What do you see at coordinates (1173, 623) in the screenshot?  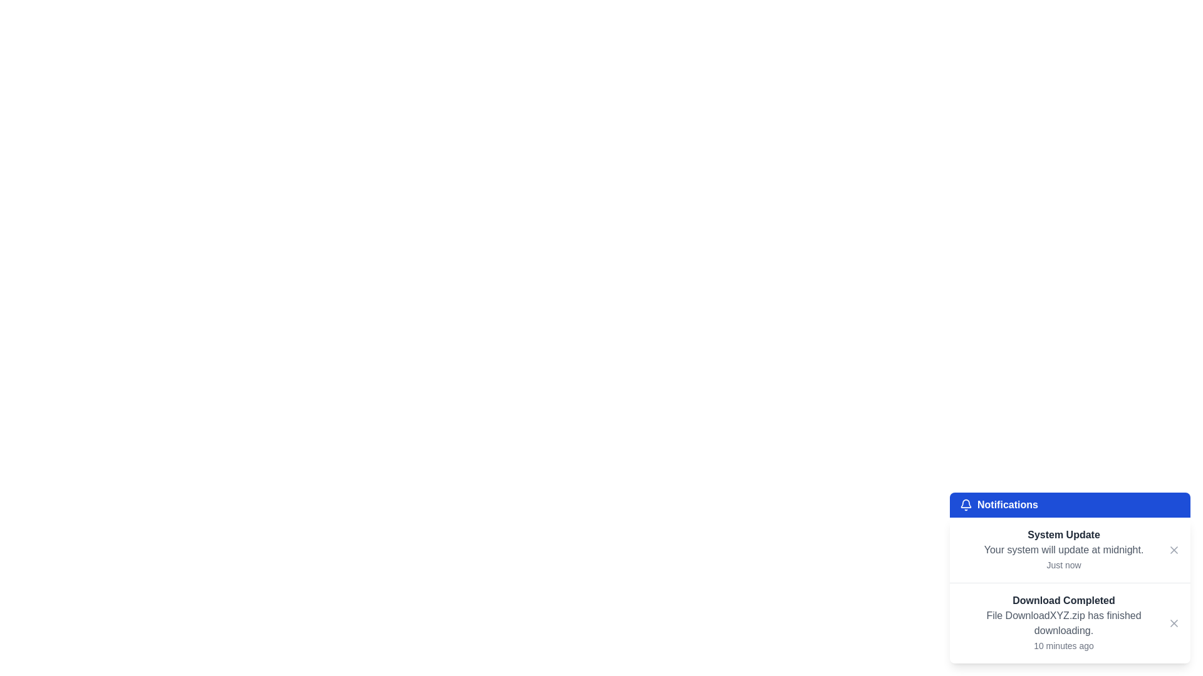 I see `the Close button icon located at the bottom-right corner of the notification area` at bounding box center [1173, 623].